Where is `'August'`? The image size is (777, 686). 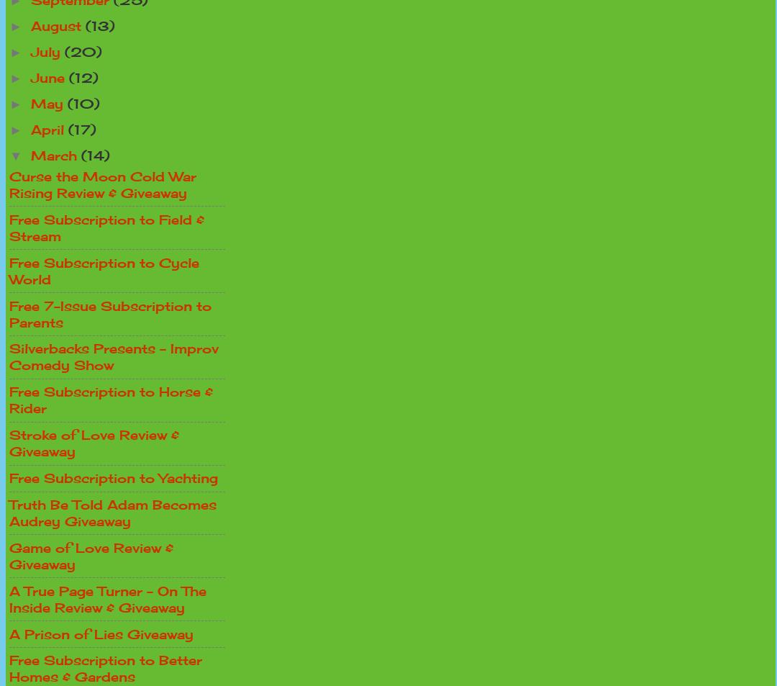
'August' is located at coordinates (58, 25).